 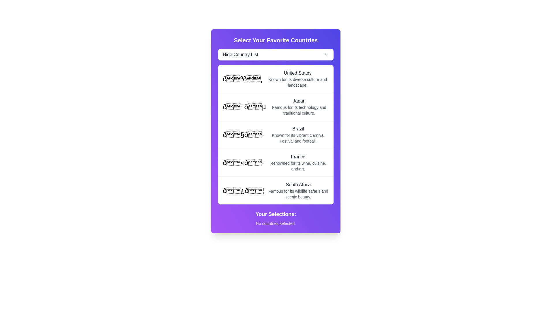 What do you see at coordinates (299, 110) in the screenshot?
I see `the text element displaying 'Famous for its technology and traditional culture.' located under the label 'Japan' to enhance visibility` at bounding box center [299, 110].